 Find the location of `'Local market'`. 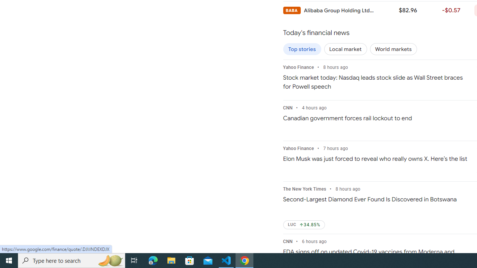

'Local market' is located at coordinates (345, 49).